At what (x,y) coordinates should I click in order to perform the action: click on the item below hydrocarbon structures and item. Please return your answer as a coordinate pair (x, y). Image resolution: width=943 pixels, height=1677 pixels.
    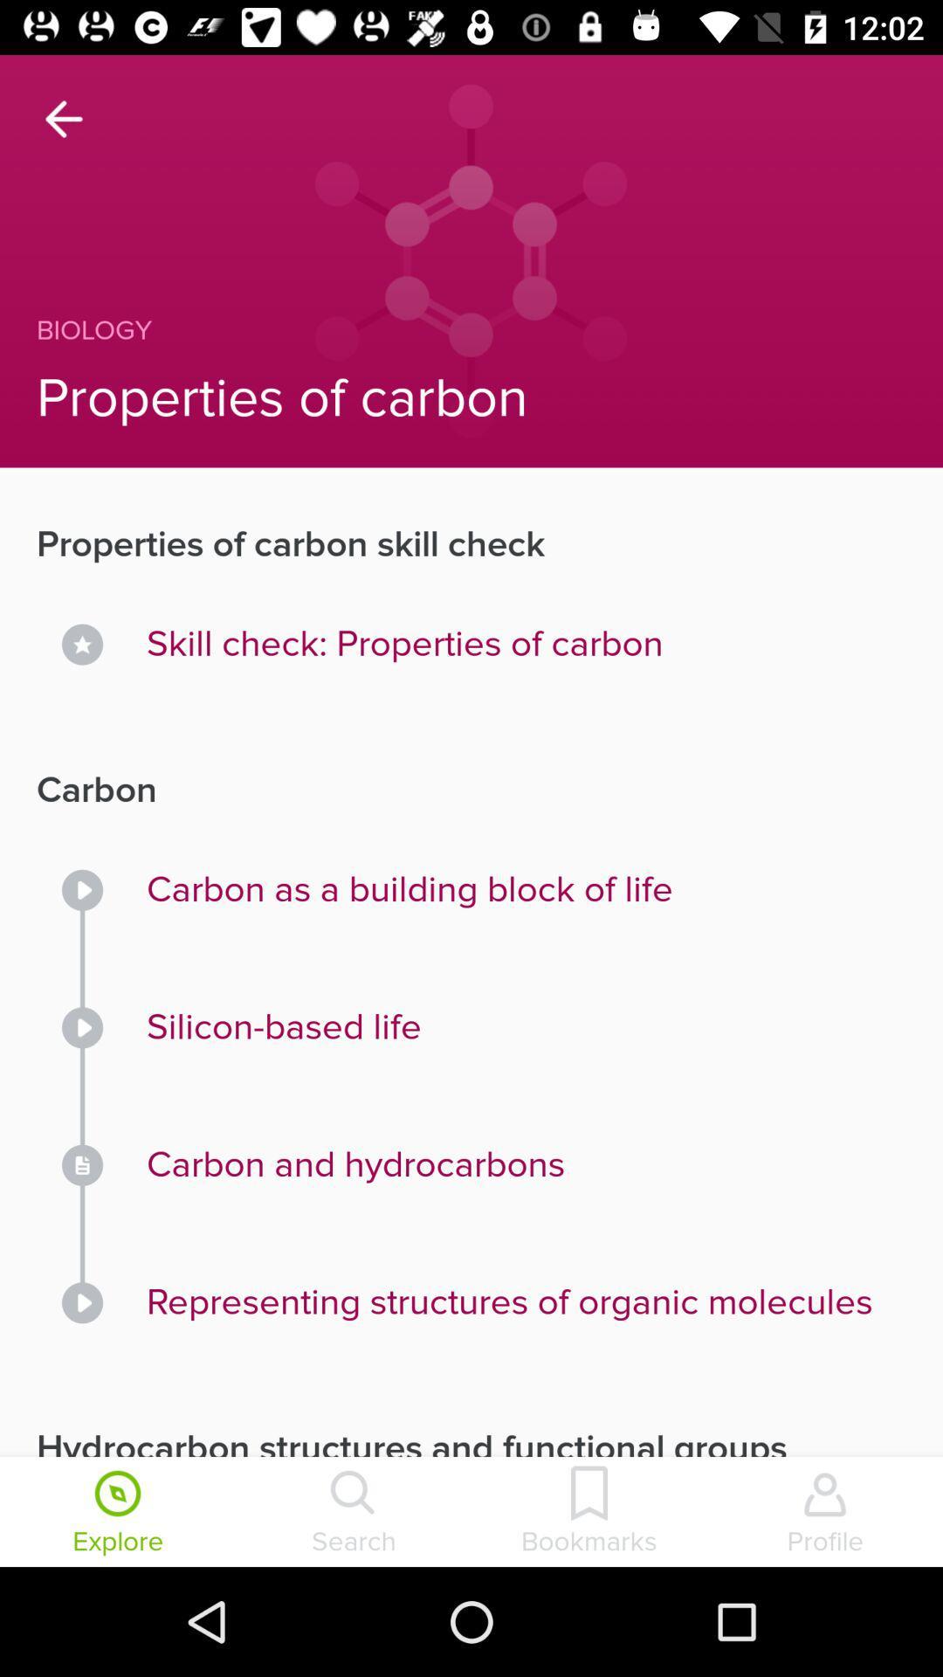
    Looking at the image, I should click on (118, 1513).